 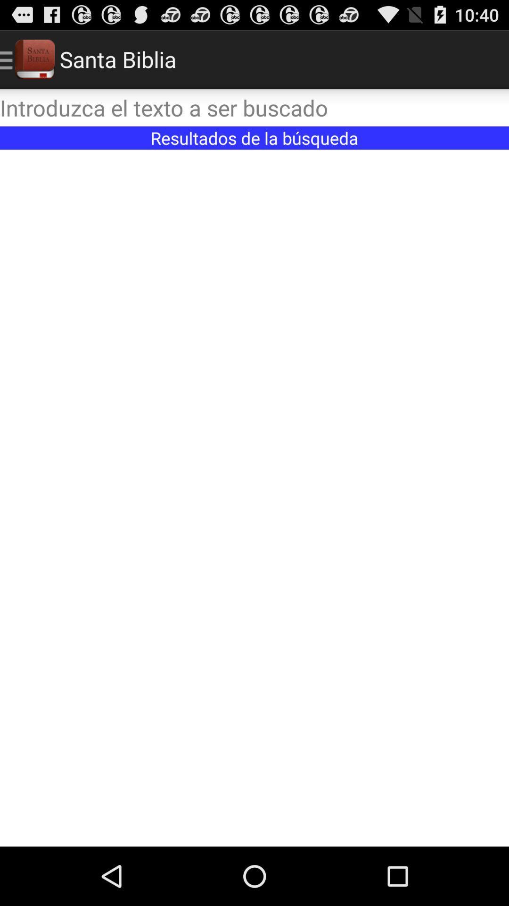 What do you see at coordinates (254, 497) in the screenshot?
I see `item below the resultados de la` at bounding box center [254, 497].